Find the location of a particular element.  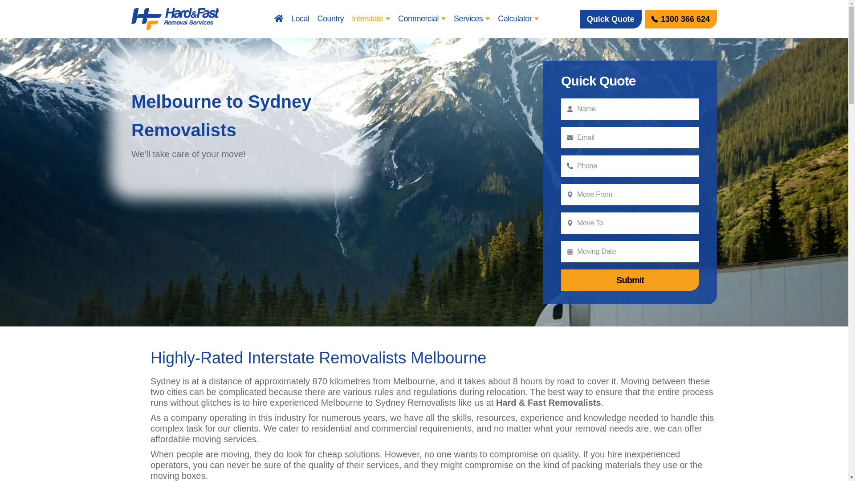

'Calculator' is located at coordinates (518, 19).